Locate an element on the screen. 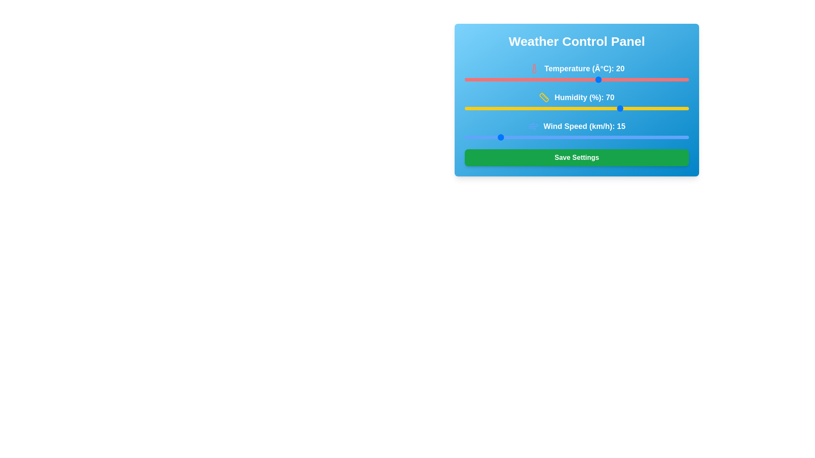 This screenshot has height=458, width=815. the 'Save Settings' button with a green background and bold white text located at the bottom of the 'Weather Control Panel' to observe its hover effects is located at coordinates (576, 157).